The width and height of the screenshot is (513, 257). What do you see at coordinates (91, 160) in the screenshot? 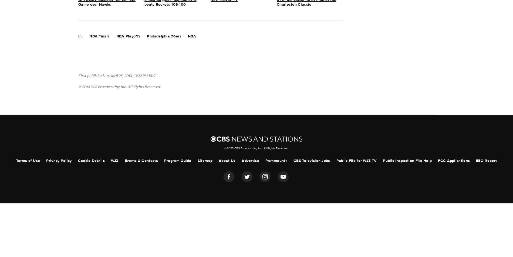
I see `'Cookie Details'` at bounding box center [91, 160].